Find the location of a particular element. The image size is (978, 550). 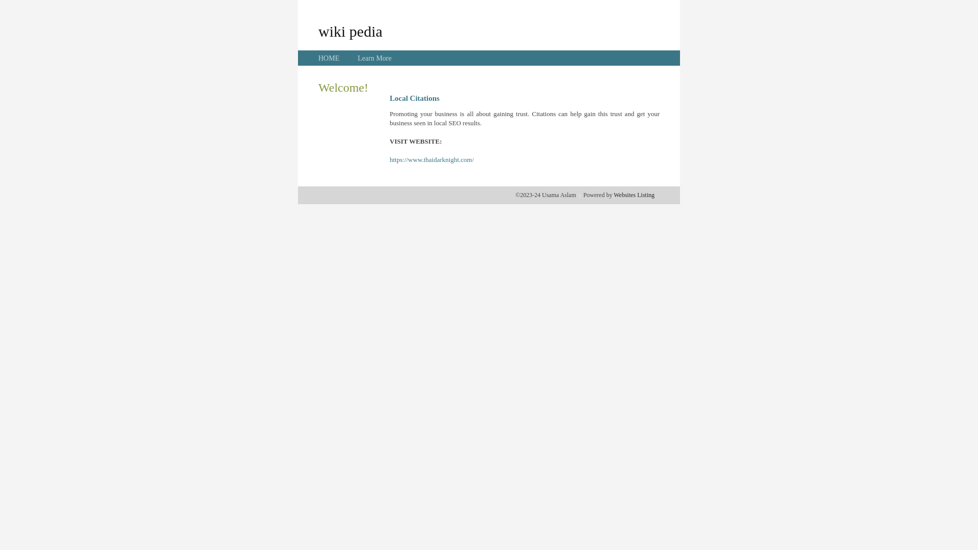

'https://www.thaidarknight.com/' is located at coordinates (431, 159).